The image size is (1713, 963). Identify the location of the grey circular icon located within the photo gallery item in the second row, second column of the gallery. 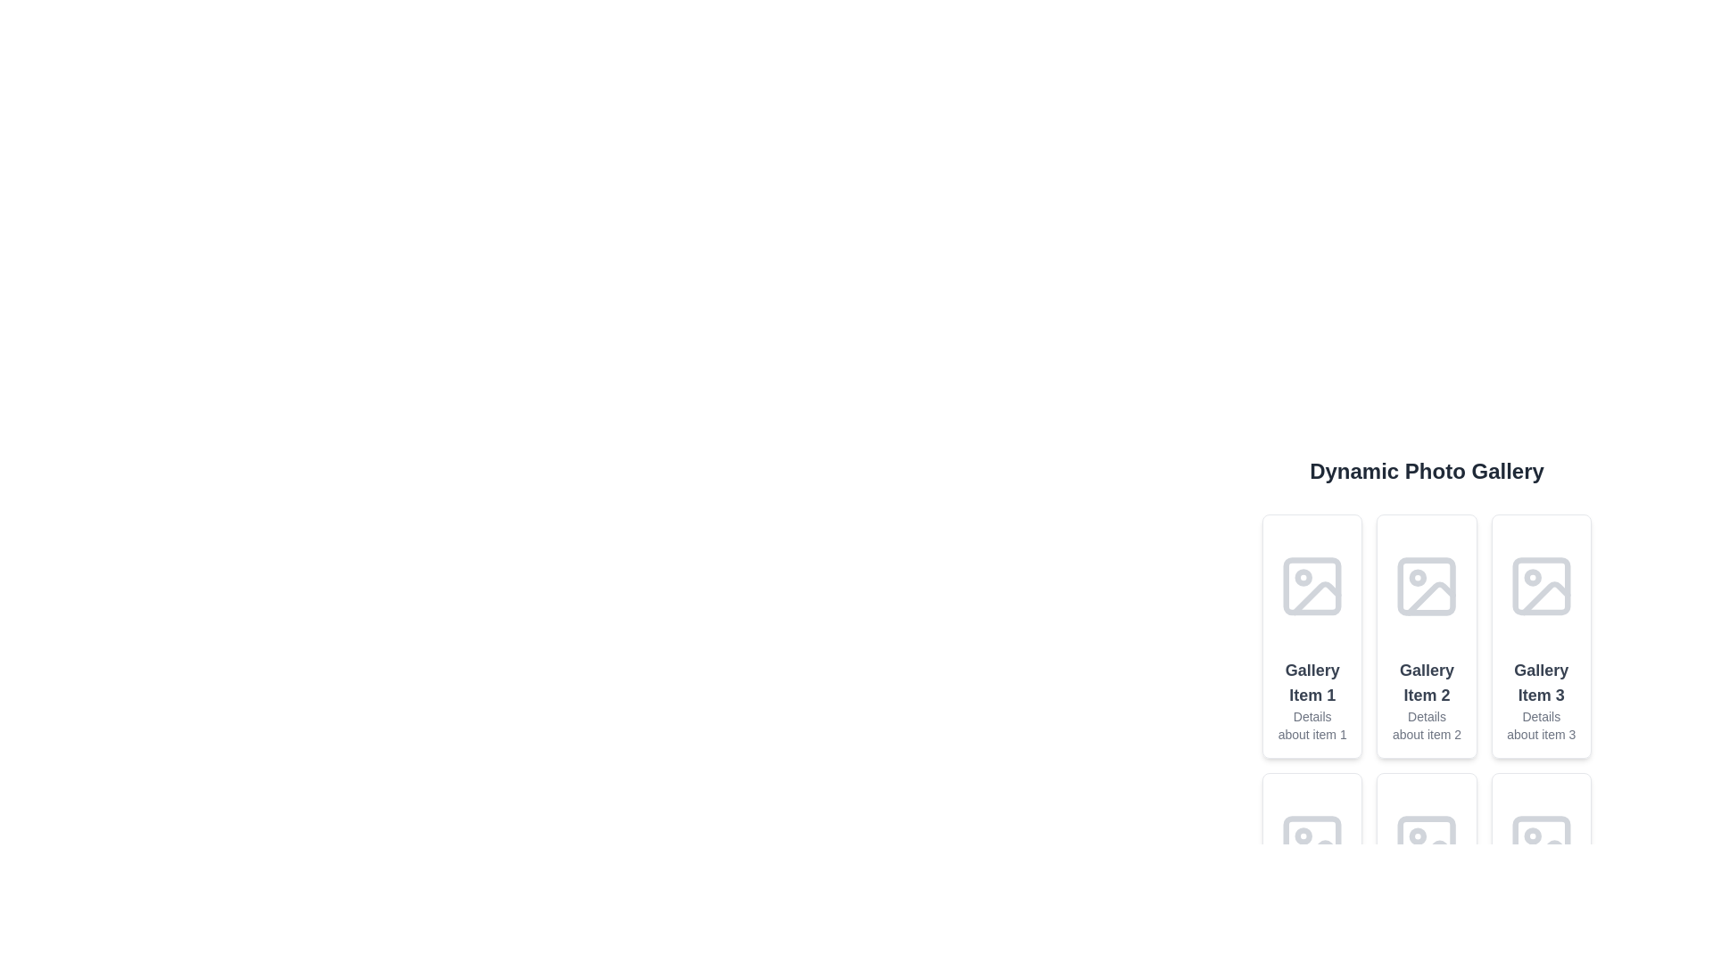
(1417, 836).